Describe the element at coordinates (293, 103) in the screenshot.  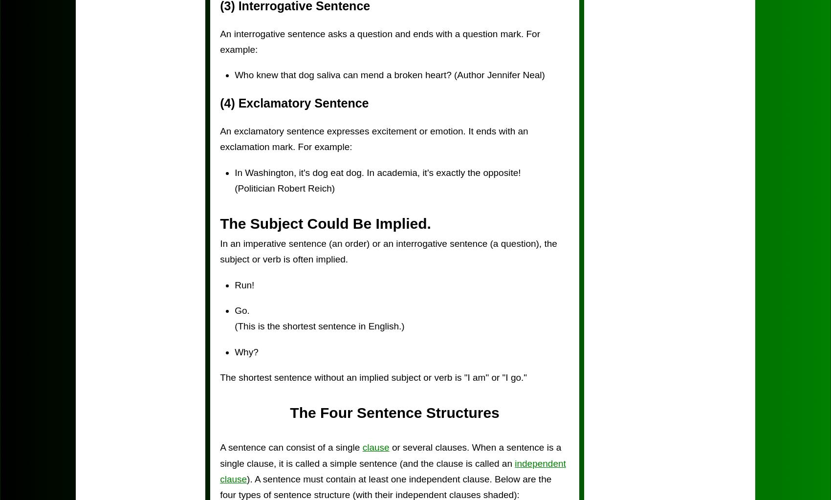
I see `'(4) Exclamatory Sentence'` at that location.